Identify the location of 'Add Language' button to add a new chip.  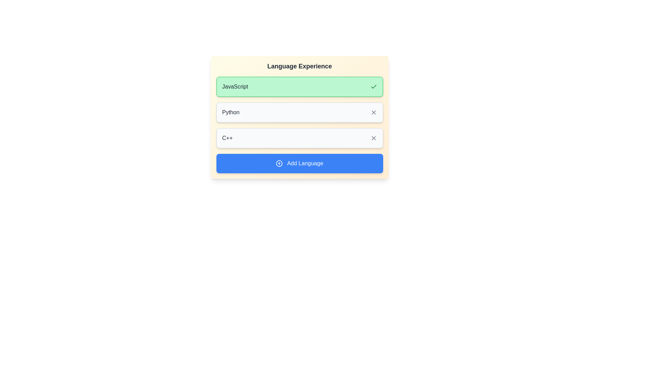
(299, 163).